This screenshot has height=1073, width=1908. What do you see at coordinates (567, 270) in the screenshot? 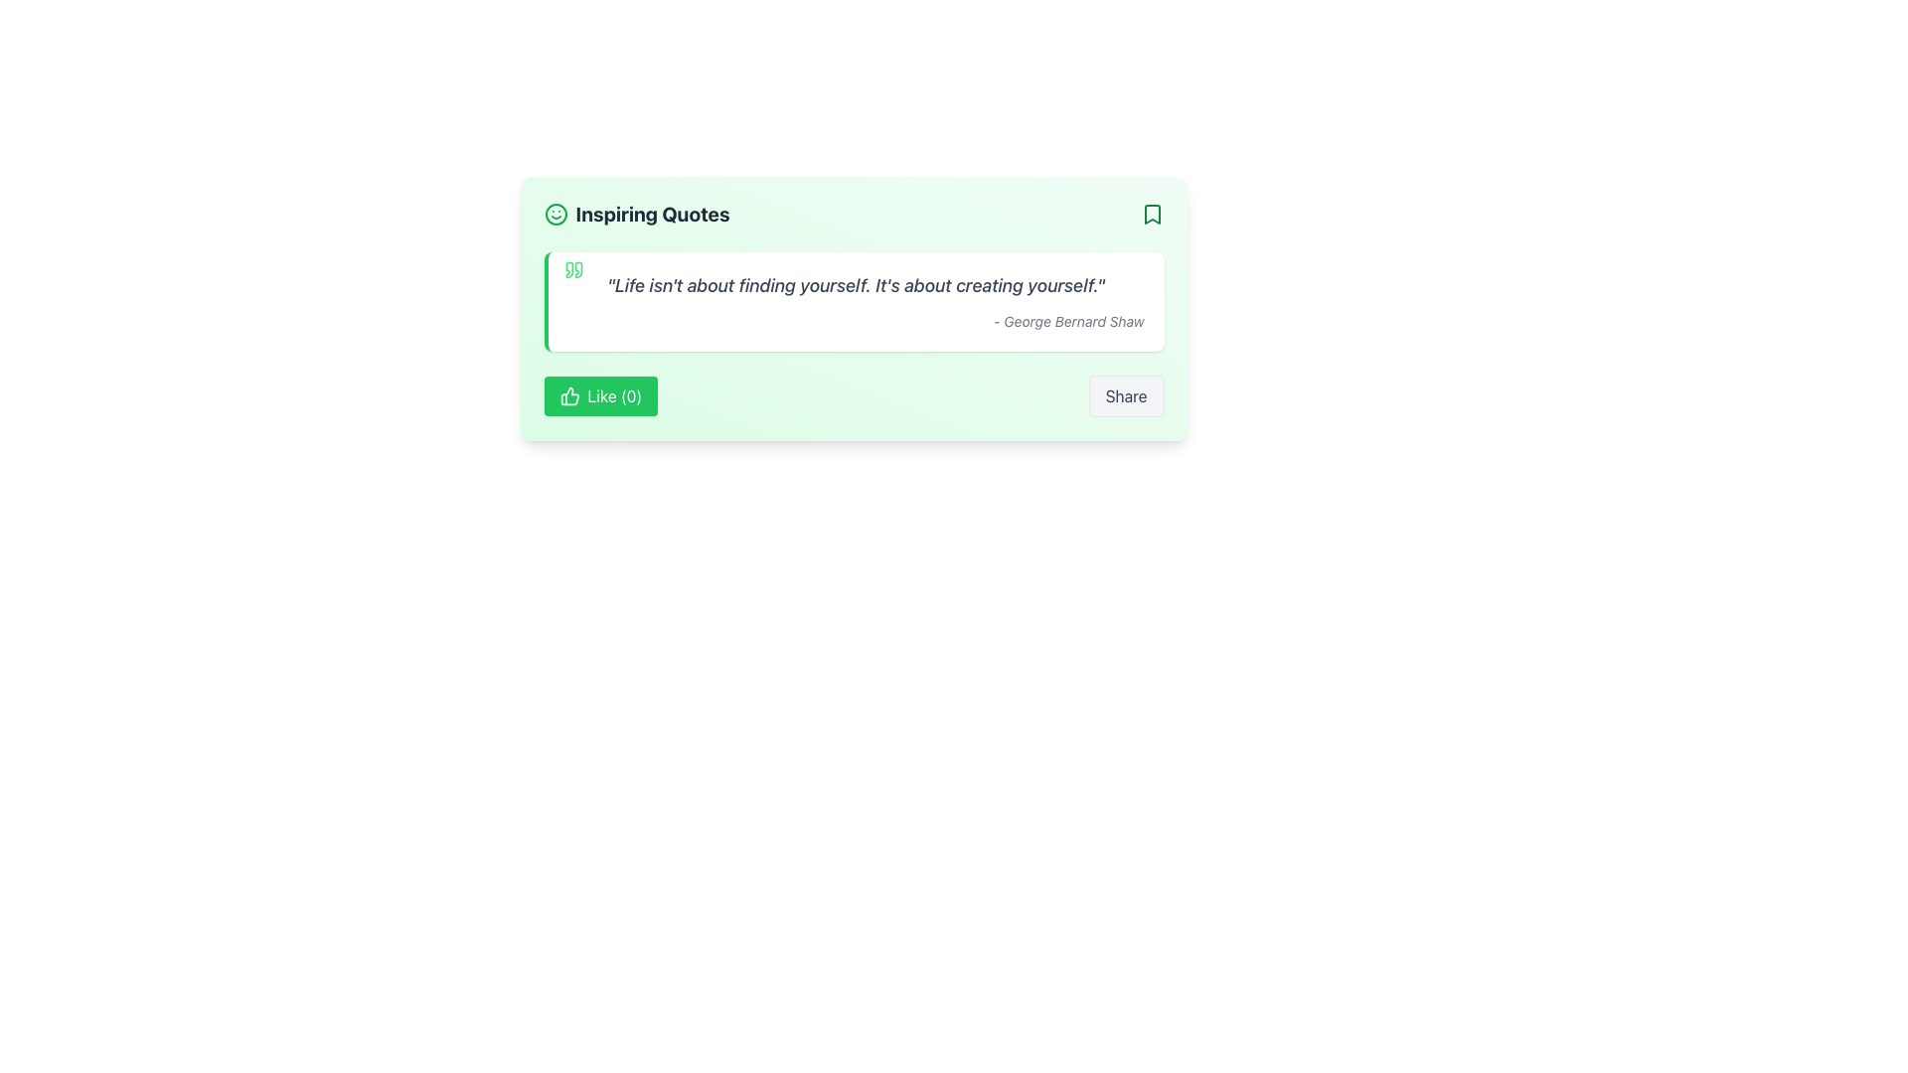
I see `the decorative quotation mark icon located at the top-left position of the quote text box` at bounding box center [567, 270].